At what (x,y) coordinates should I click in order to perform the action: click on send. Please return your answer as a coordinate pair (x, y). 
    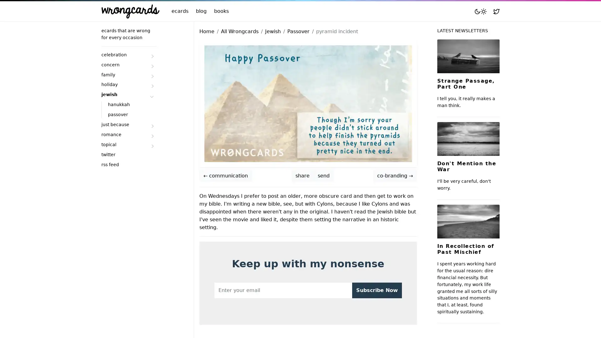
    Looking at the image, I should click on (323, 176).